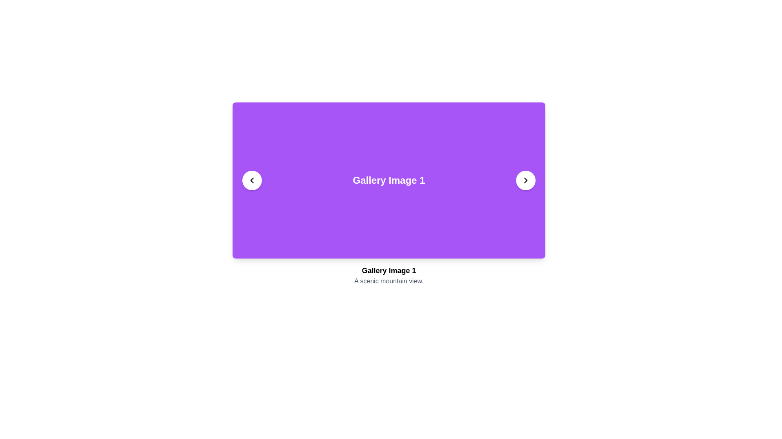  I want to click on title and description text of the composite label located directly below the main image display area, which consists of a title and additional context for the displayed gallery image, so click(389, 275).